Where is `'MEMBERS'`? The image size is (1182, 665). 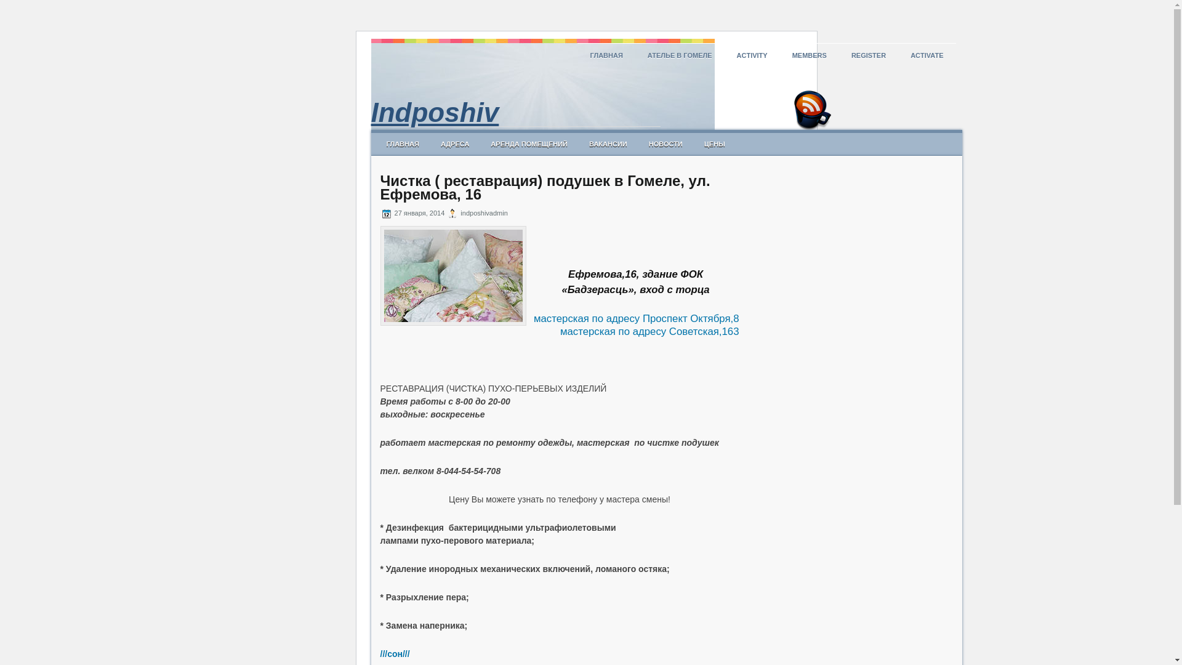 'MEMBERS' is located at coordinates (810, 55).